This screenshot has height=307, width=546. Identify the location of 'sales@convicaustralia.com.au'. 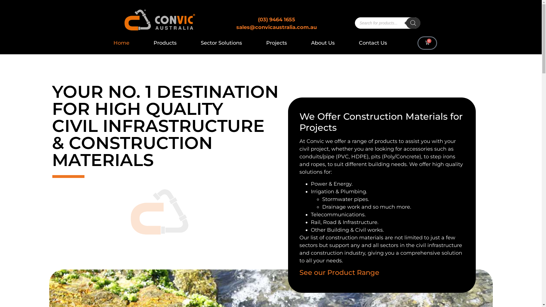
(276, 27).